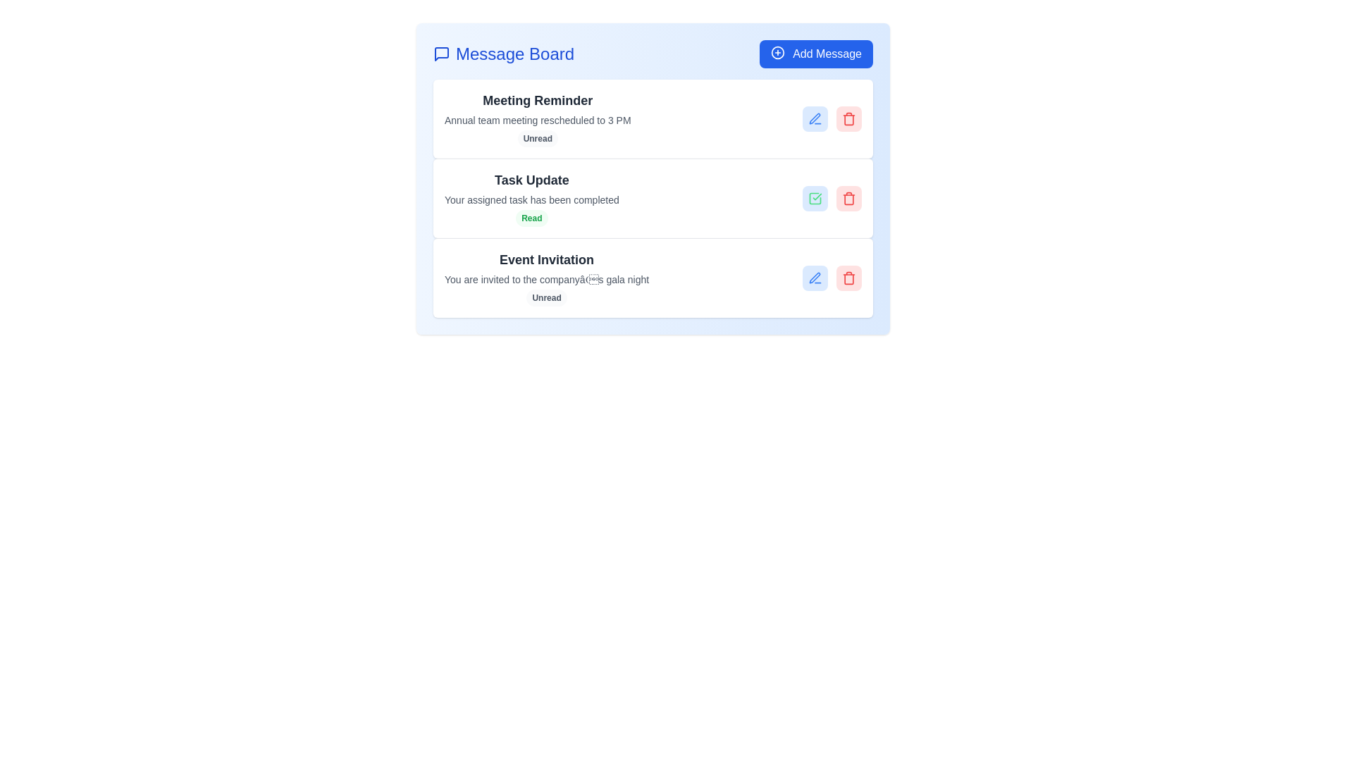 This screenshot has width=1353, height=761. I want to click on the status indicator label that denotes the completion of a task, located below the text 'Your assigned task has been completed' in the 'Task Update' section, so click(531, 218).